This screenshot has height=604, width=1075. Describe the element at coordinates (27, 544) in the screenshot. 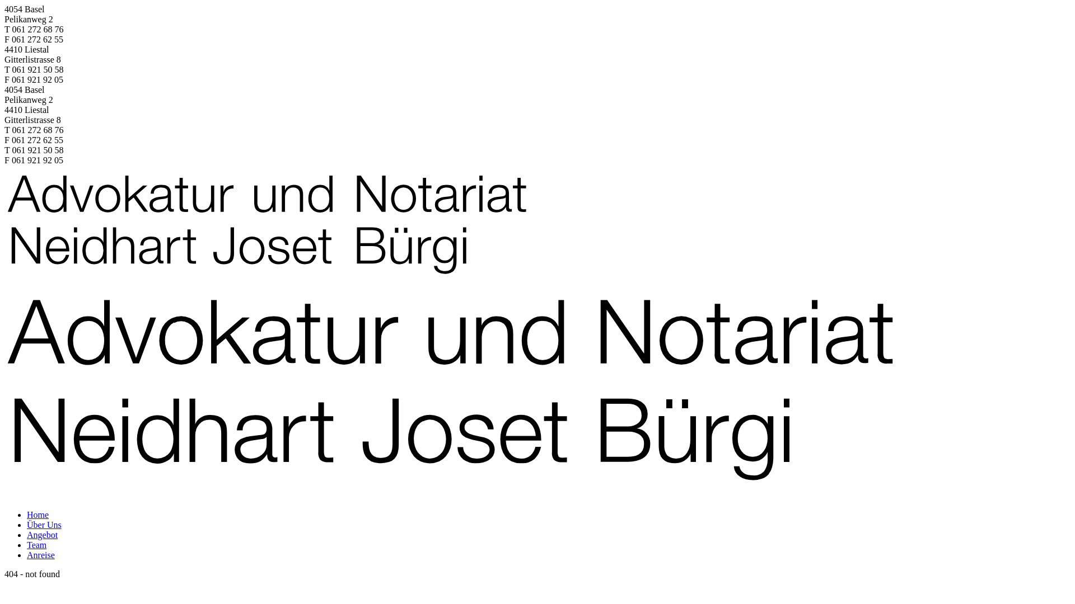

I see `'Team'` at that location.